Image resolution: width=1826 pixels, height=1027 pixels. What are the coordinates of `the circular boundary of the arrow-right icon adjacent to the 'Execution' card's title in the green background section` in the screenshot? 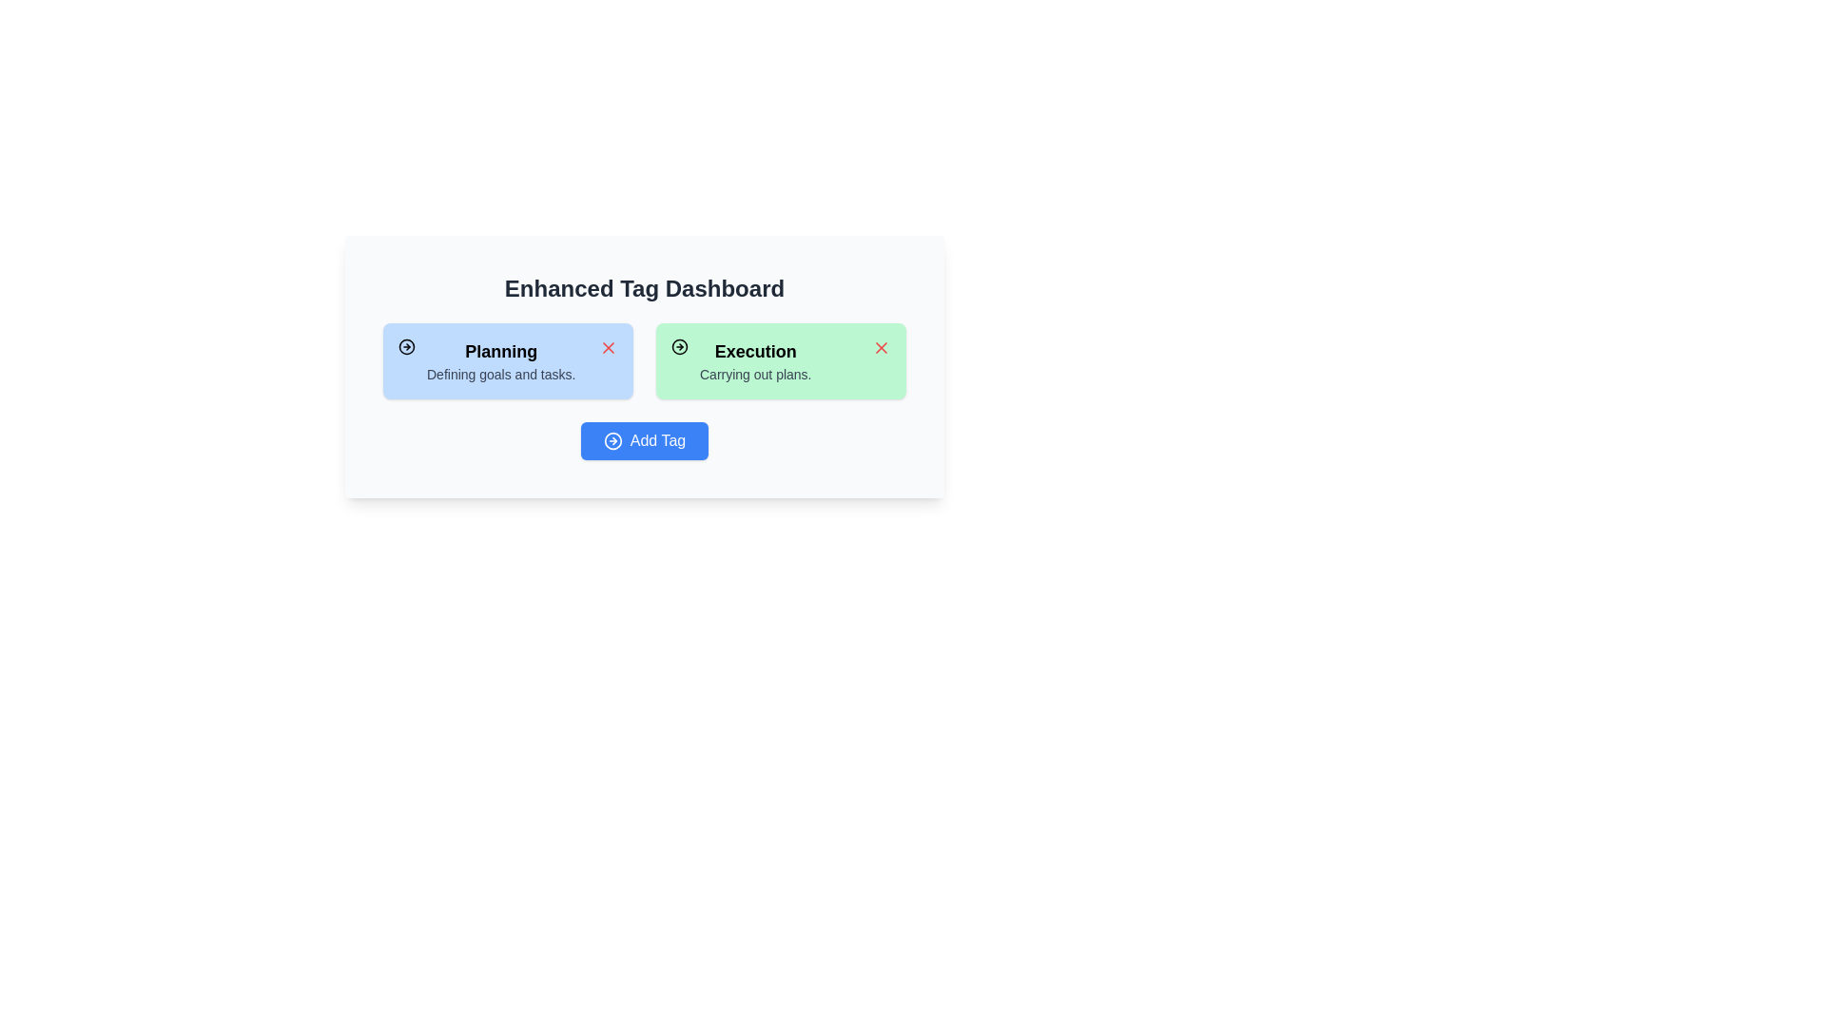 It's located at (680, 347).